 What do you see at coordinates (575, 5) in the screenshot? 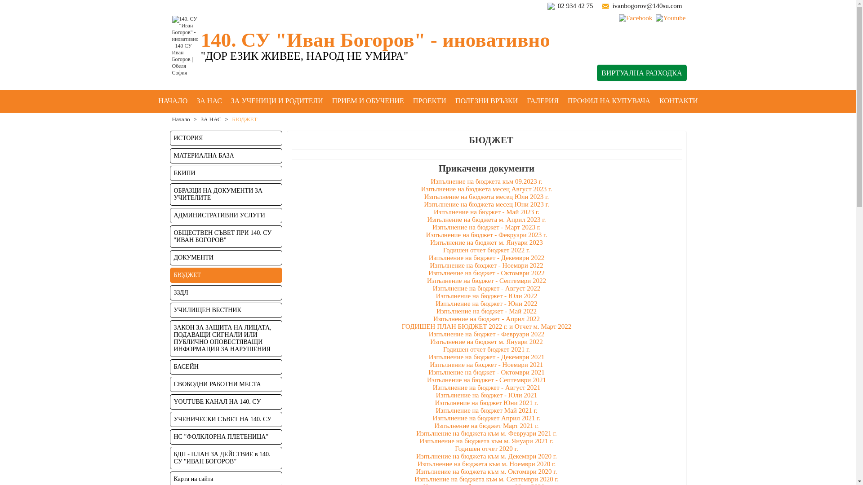
I see `'02 934 42 75'` at bounding box center [575, 5].